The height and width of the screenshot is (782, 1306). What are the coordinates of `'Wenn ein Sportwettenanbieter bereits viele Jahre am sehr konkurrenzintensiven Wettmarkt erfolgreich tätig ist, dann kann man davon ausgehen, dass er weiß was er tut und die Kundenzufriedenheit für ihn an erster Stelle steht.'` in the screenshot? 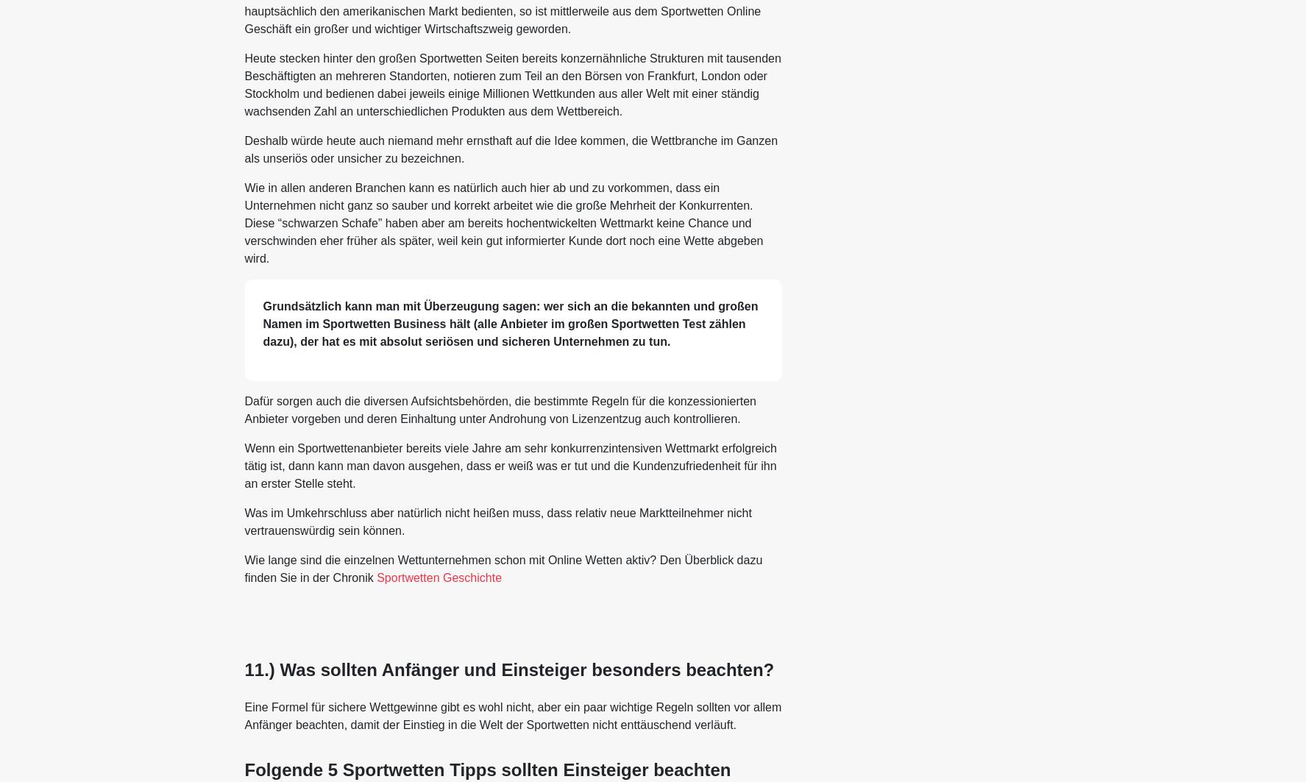 It's located at (509, 464).